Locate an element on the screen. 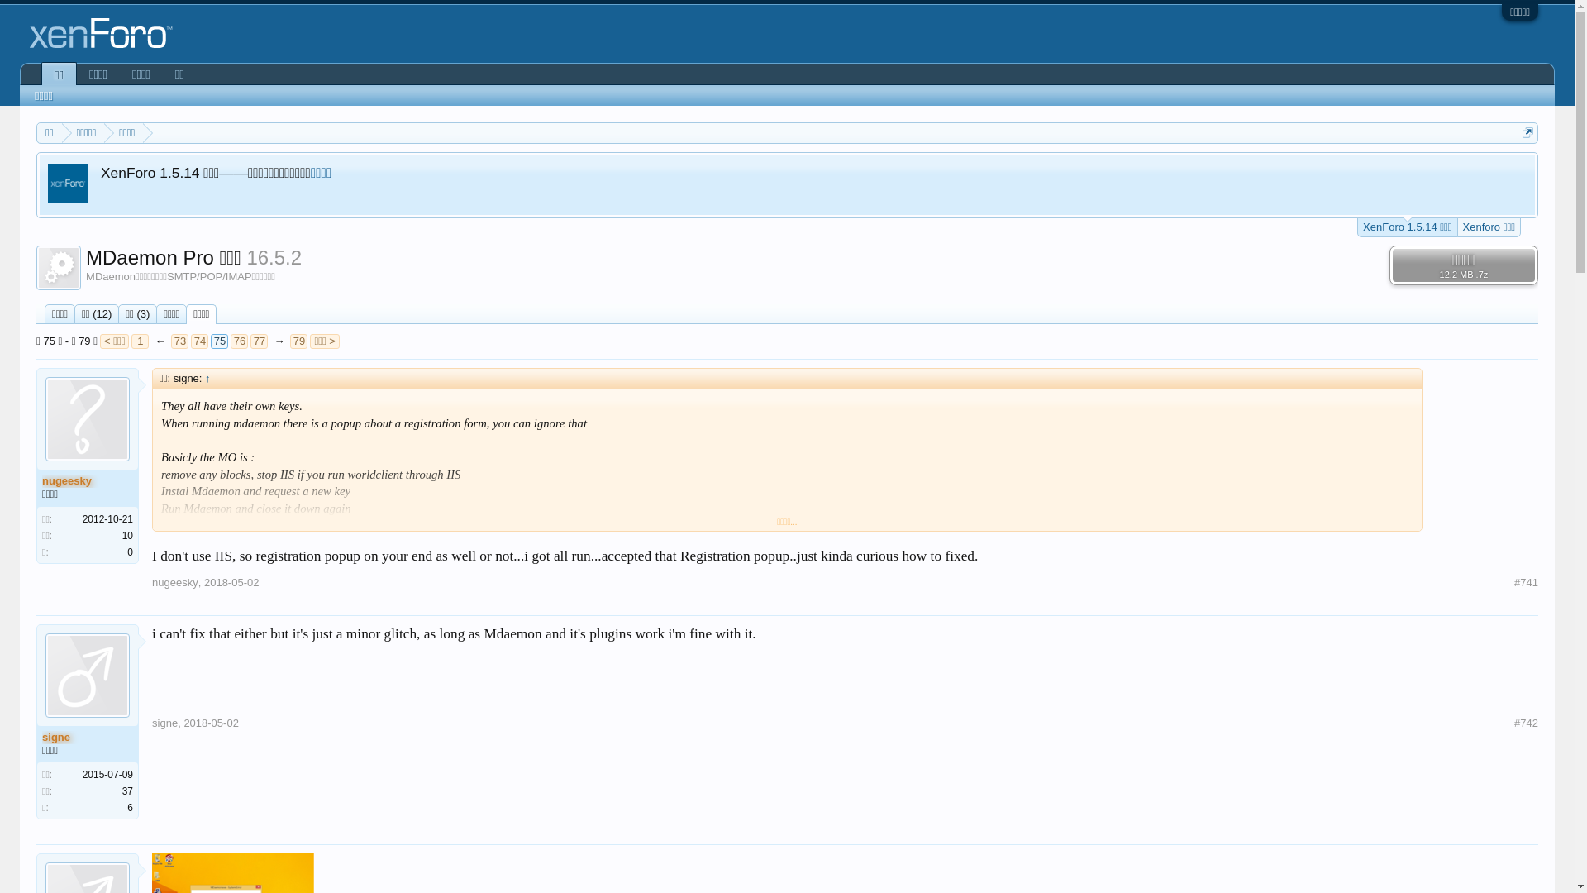  '2018-05-02' is located at coordinates (210, 722).